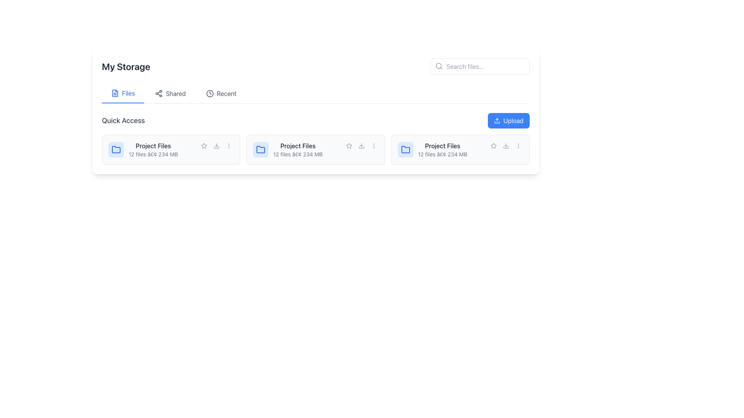  I want to click on the Text label in the horizontal menu near the top-center of the interface, which is the second item after 'Files', so click(175, 93).